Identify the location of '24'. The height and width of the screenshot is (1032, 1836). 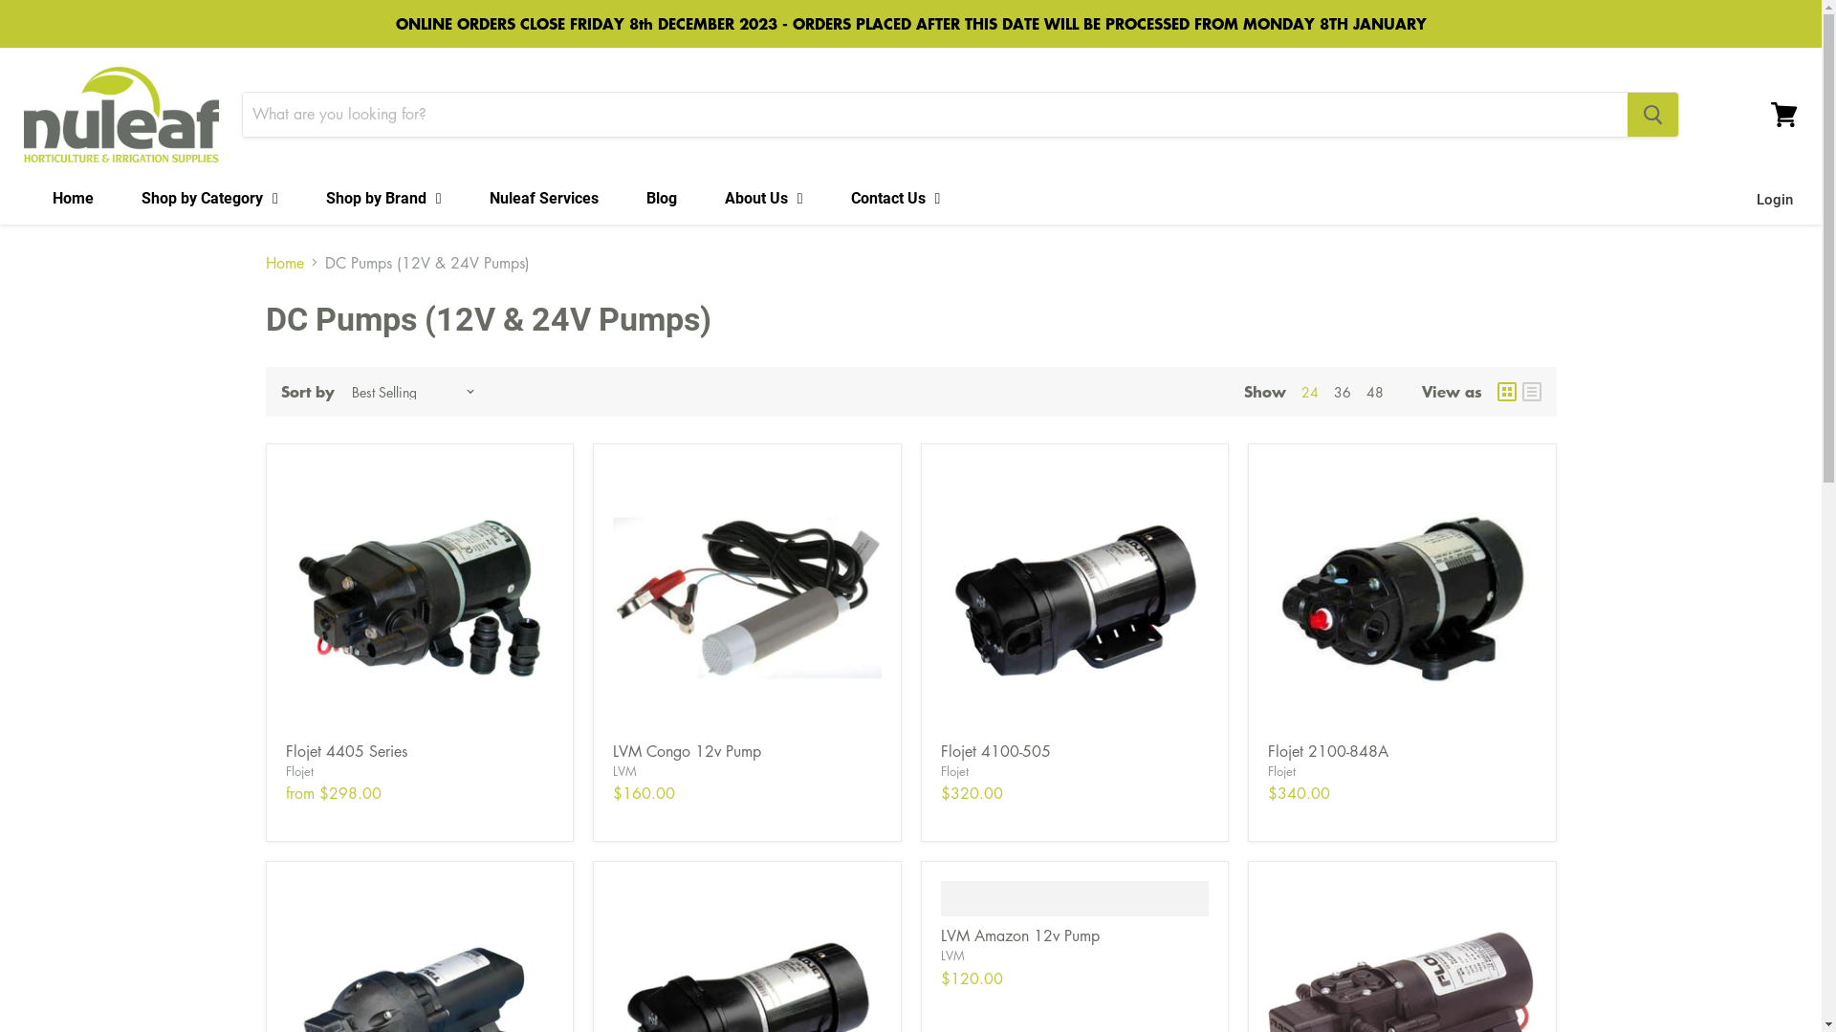
(1307, 390).